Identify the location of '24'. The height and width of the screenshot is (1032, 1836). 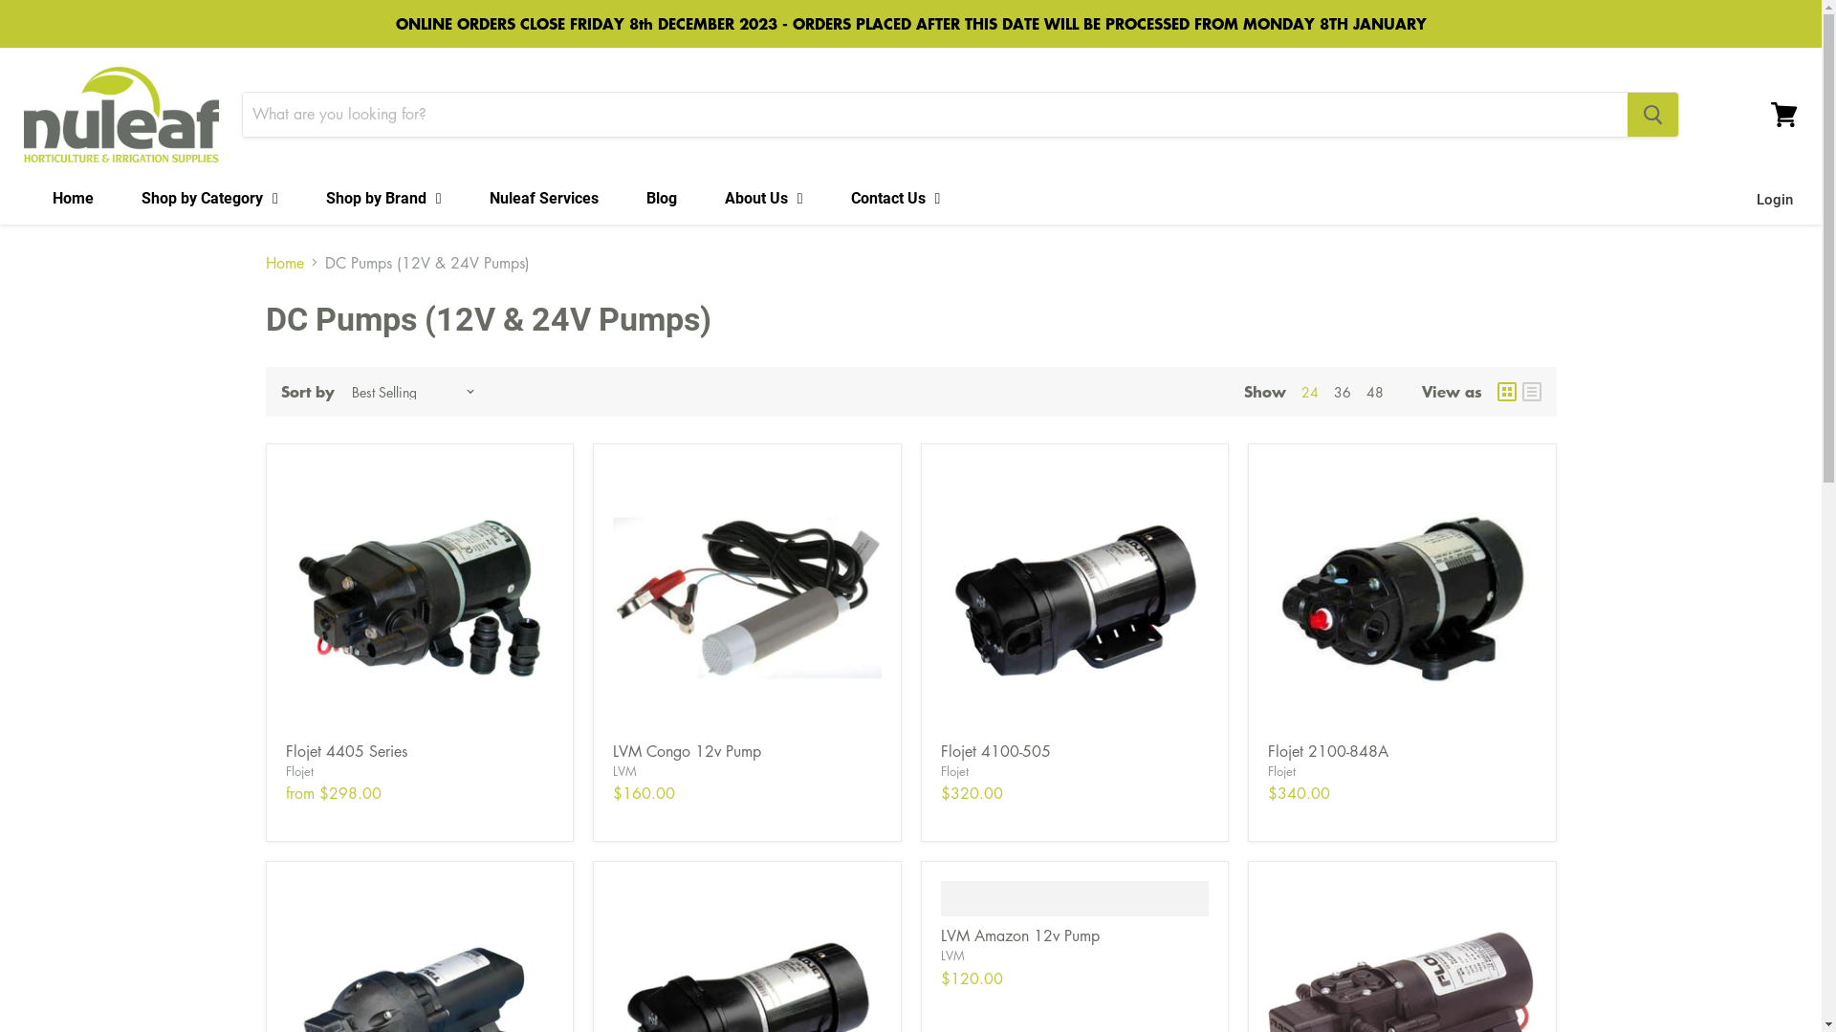
(1307, 390).